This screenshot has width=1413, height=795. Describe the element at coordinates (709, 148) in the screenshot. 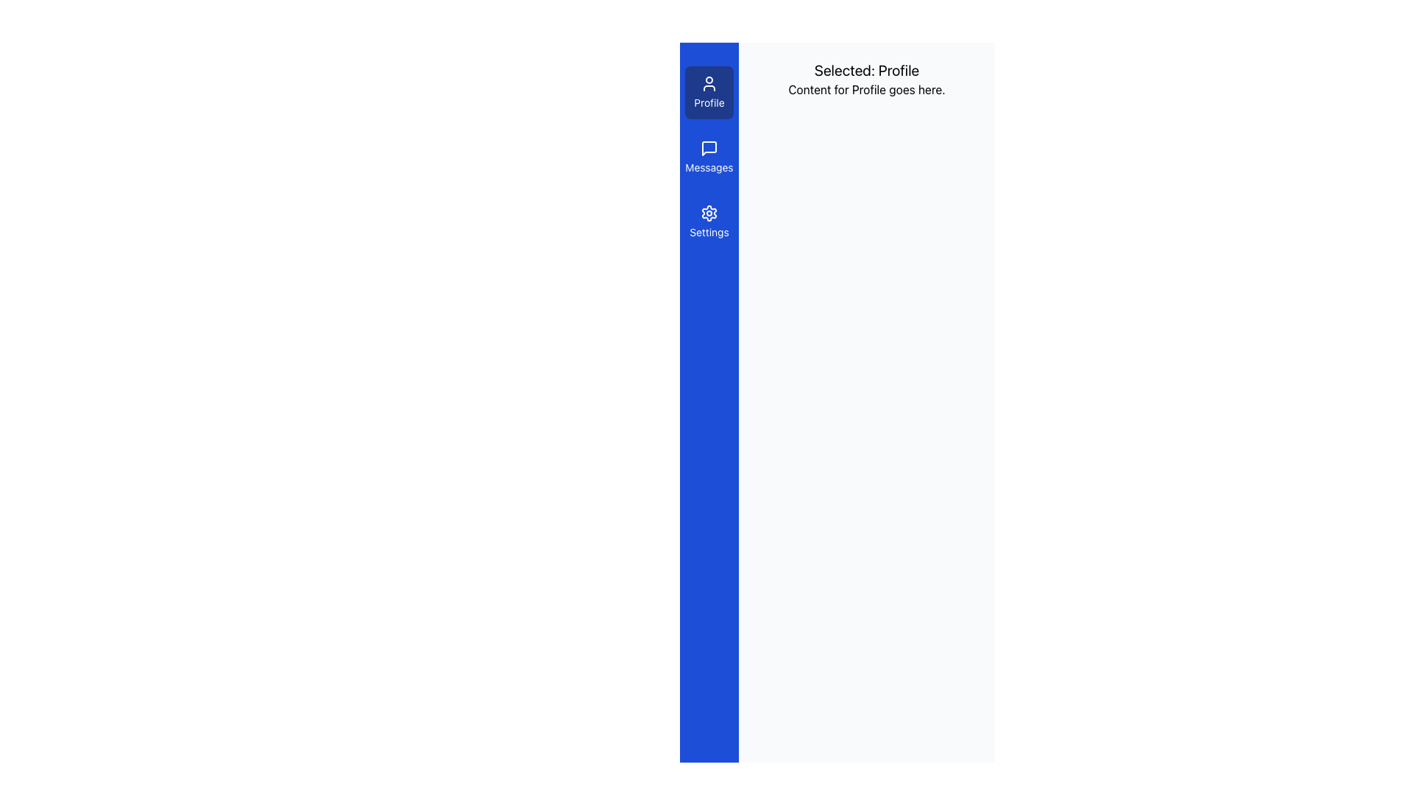

I see `the 'Messages' SVG icon located in the left sidebar` at that location.